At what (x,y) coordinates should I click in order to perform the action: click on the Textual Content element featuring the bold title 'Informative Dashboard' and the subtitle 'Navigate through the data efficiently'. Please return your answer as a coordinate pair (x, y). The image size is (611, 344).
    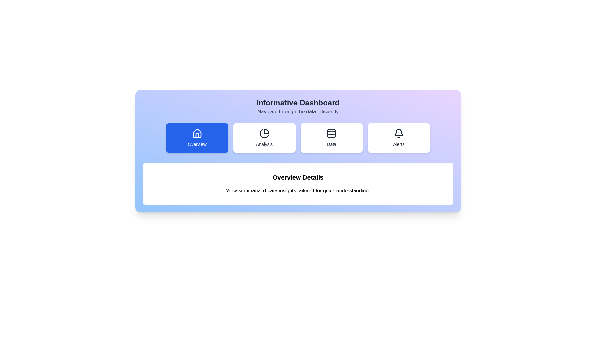
    Looking at the image, I should click on (298, 106).